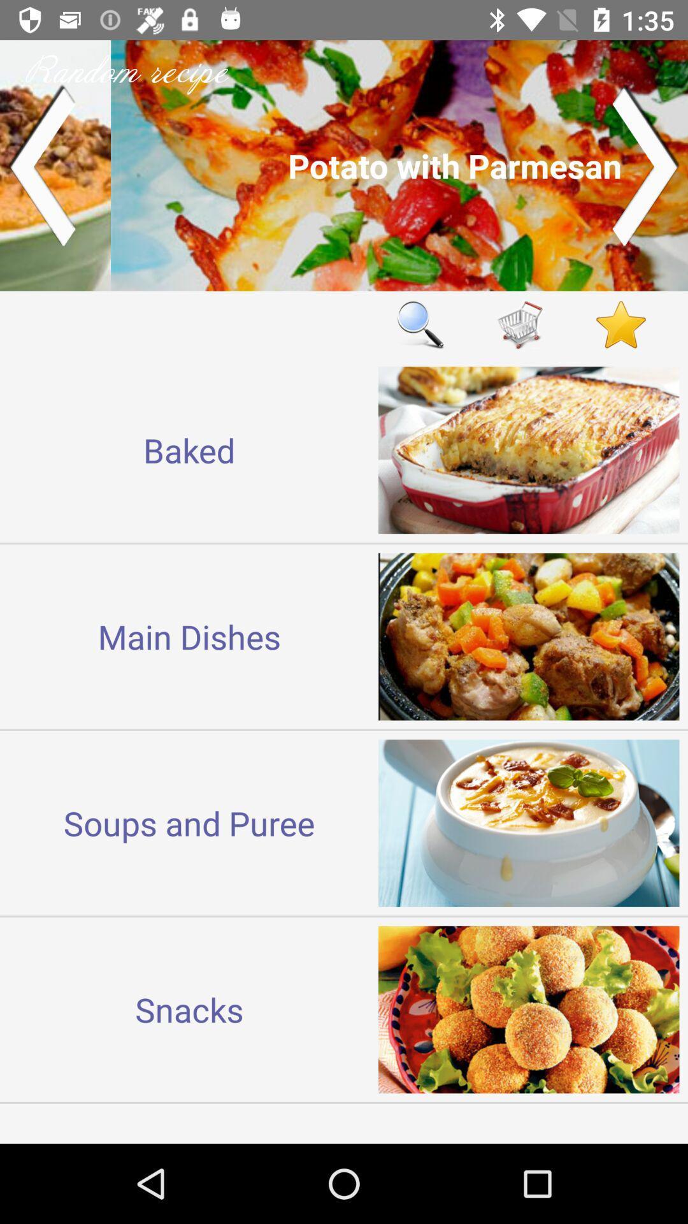  What do you see at coordinates (620, 324) in the screenshot?
I see `the star icon` at bounding box center [620, 324].